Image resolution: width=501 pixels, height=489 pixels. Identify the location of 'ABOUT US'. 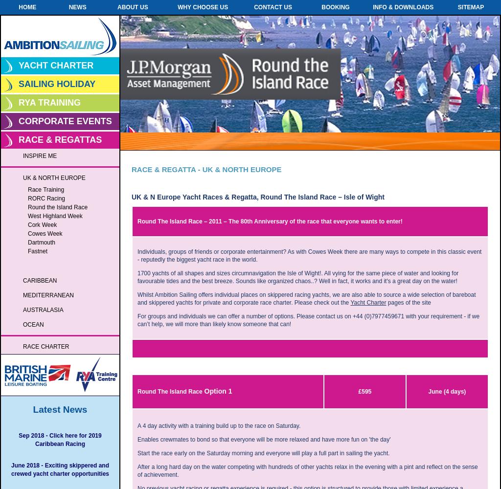
(132, 7).